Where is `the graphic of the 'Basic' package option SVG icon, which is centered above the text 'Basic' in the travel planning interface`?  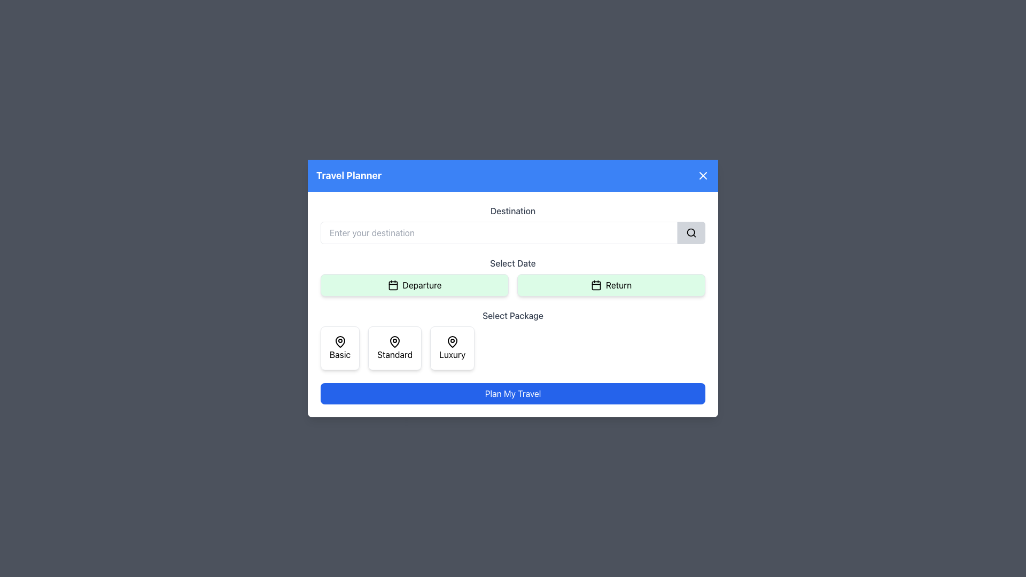
the graphic of the 'Basic' package option SVG icon, which is centered above the text 'Basic' in the travel planning interface is located at coordinates (339, 342).